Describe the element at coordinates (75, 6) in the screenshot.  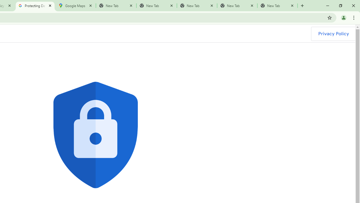
I see `'Google Maps'` at that location.